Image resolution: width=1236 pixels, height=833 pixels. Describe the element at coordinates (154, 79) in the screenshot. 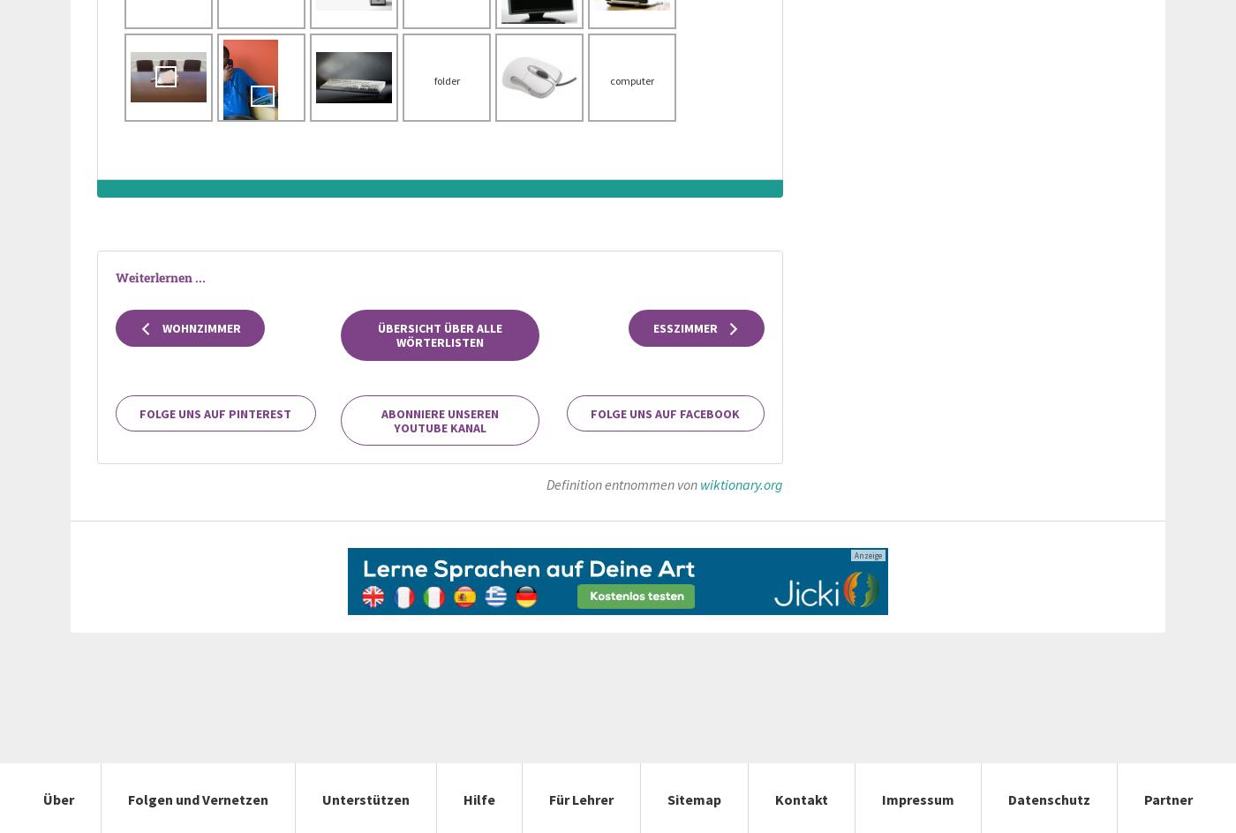

I see `'laptop'` at that location.